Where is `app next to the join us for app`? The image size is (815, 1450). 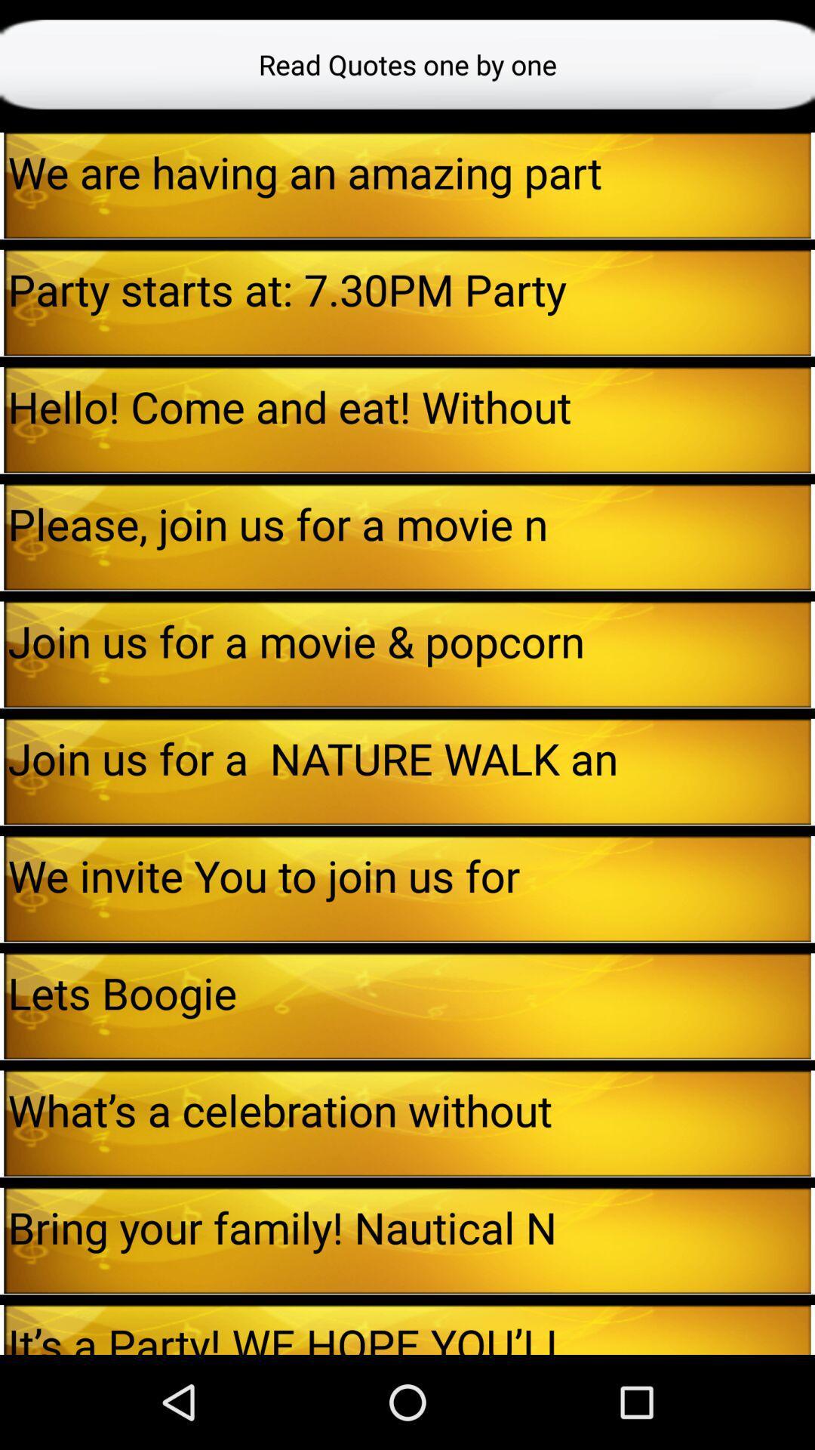 app next to the join us for app is located at coordinates (2, 771).